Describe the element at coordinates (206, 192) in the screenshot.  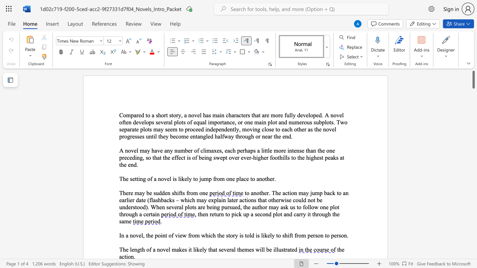
I see `the 5th character "e" in the text` at that location.